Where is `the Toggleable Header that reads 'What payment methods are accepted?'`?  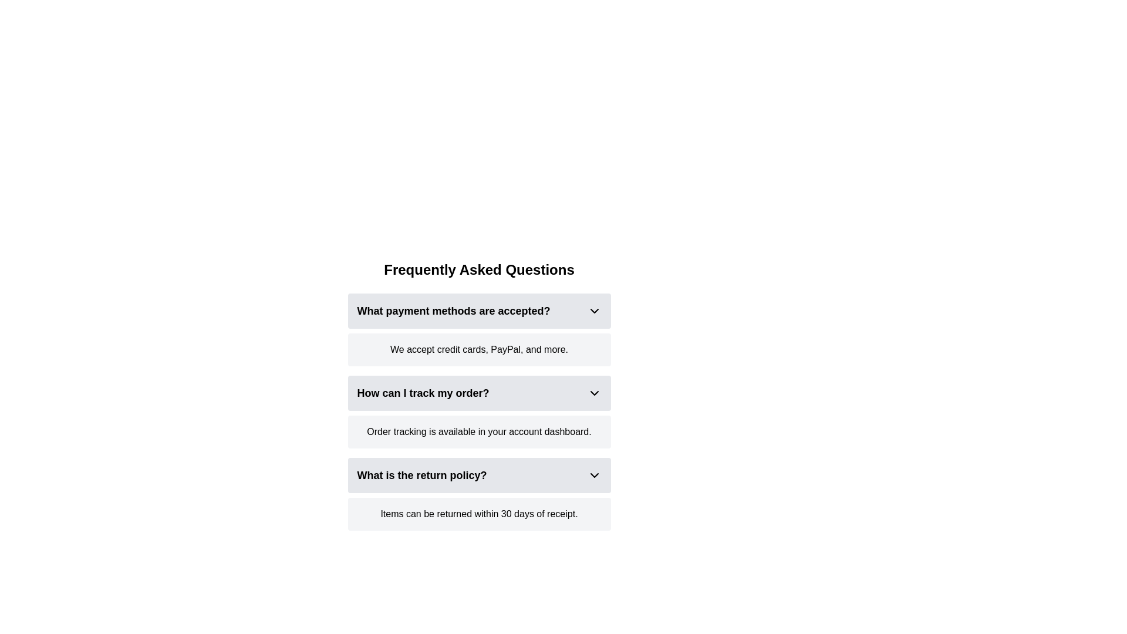
the Toggleable Header that reads 'What payment methods are accepted?' is located at coordinates (479, 310).